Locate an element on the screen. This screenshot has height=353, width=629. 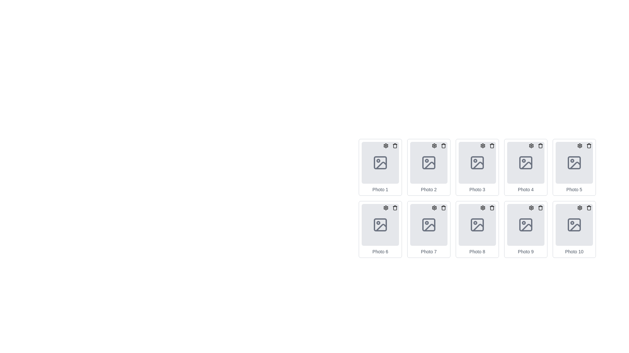
the settings gear icon located in the top-right corner of the card labeled 'Photo 5' within the cluster of interactive elements is located at coordinates (584, 145).